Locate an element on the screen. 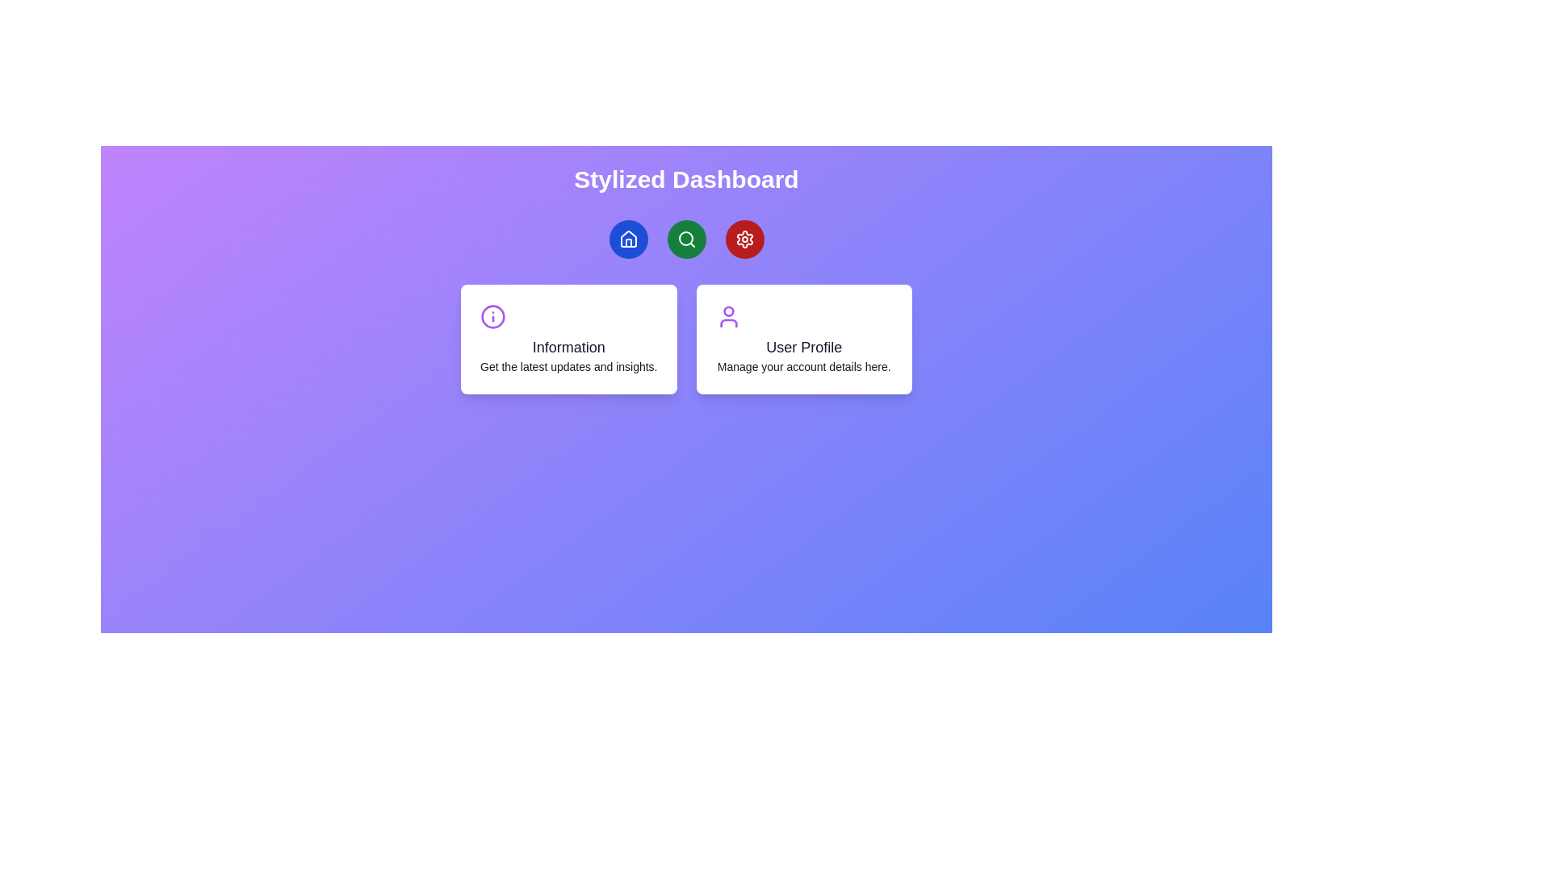 The image size is (1550, 871). the house icon located within the blue circular button at the top center of the dashboard is located at coordinates (627, 239).